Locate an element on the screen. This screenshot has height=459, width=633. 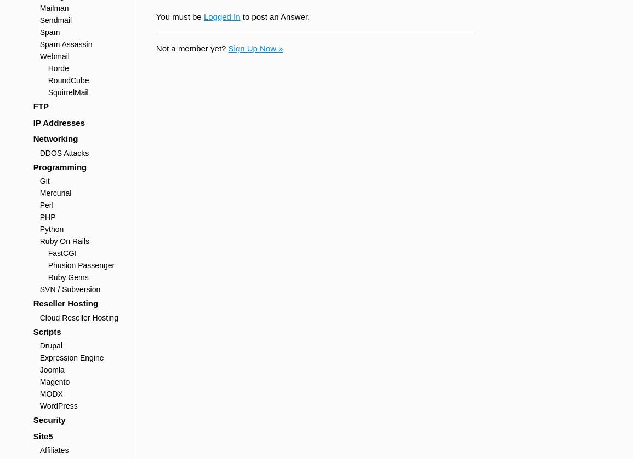
'FTP' is located at coordinates (40, 106).